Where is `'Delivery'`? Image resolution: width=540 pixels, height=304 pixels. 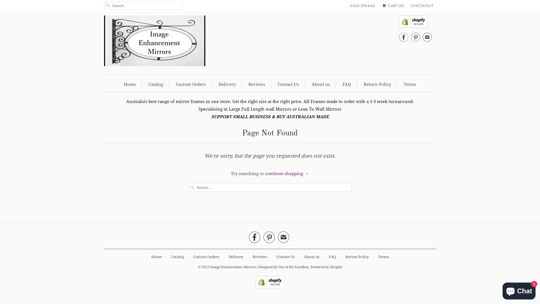 'Delivery' is located at coordinates (218, 84).